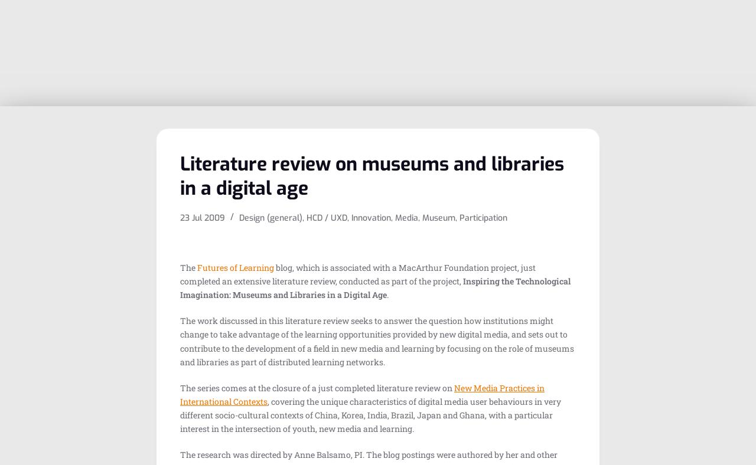 This screenshot has width=756, height=465. I want to click on 'Mobile experiences in art museums', so click(269, 39).